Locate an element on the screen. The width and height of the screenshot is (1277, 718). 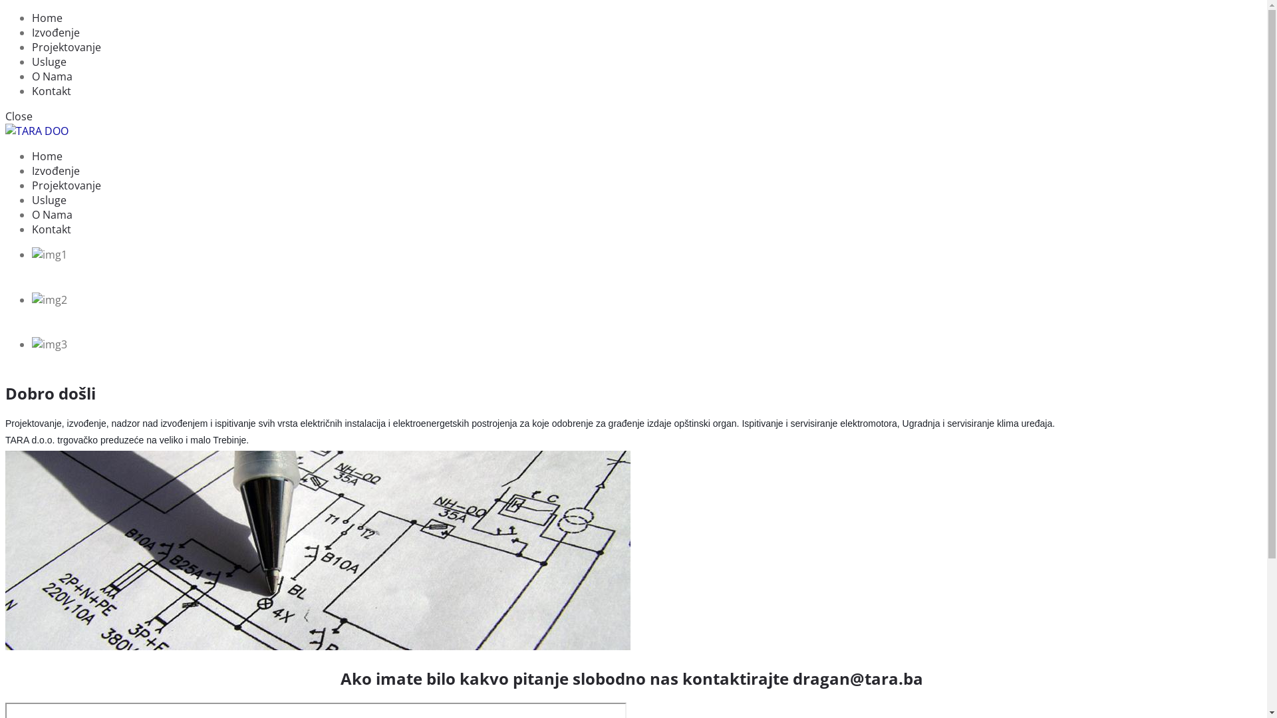
'Projektovanje' is located at coordinates (66, 185).